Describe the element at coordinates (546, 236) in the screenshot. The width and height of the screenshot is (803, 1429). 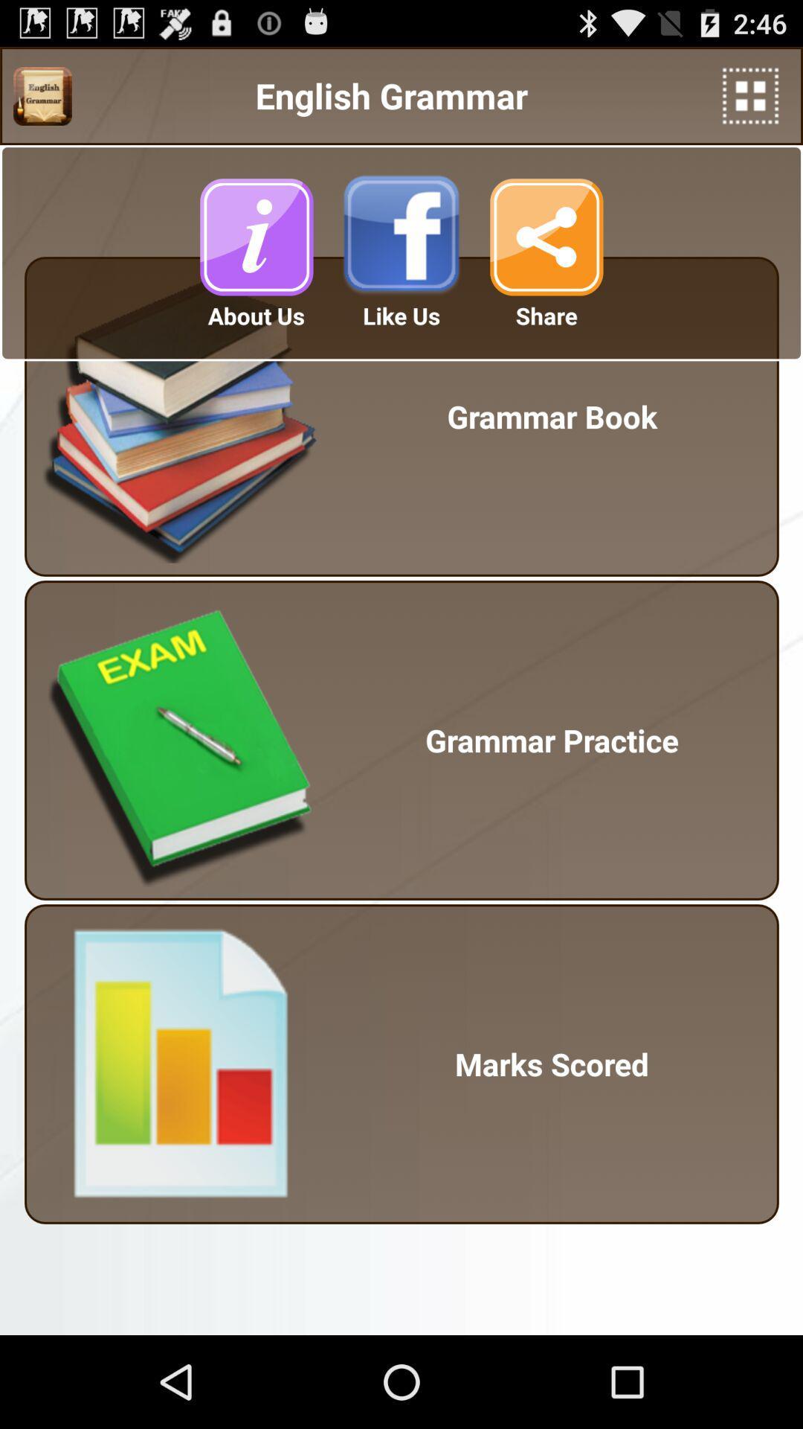
I see `share the app` at that location.